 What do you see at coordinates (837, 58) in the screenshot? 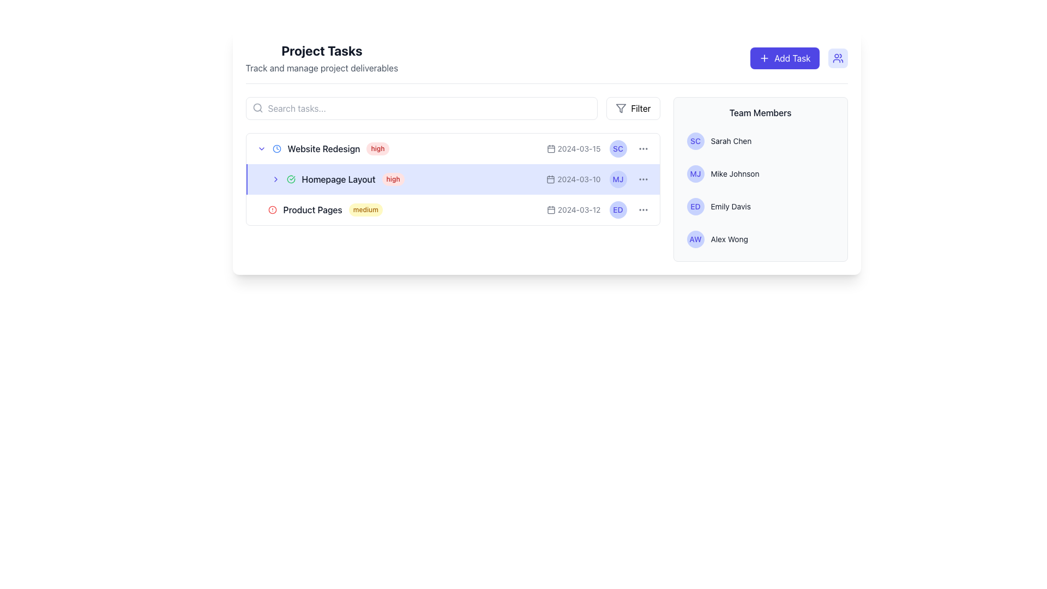
I see `the rounded rectangular button with a pale indigo background and a darker indigo group icon, located to the right of the 'Add Task' button in the top-right corner of the interface, to trigger tooltip or visual feedback` at bounding box center [837, 58].